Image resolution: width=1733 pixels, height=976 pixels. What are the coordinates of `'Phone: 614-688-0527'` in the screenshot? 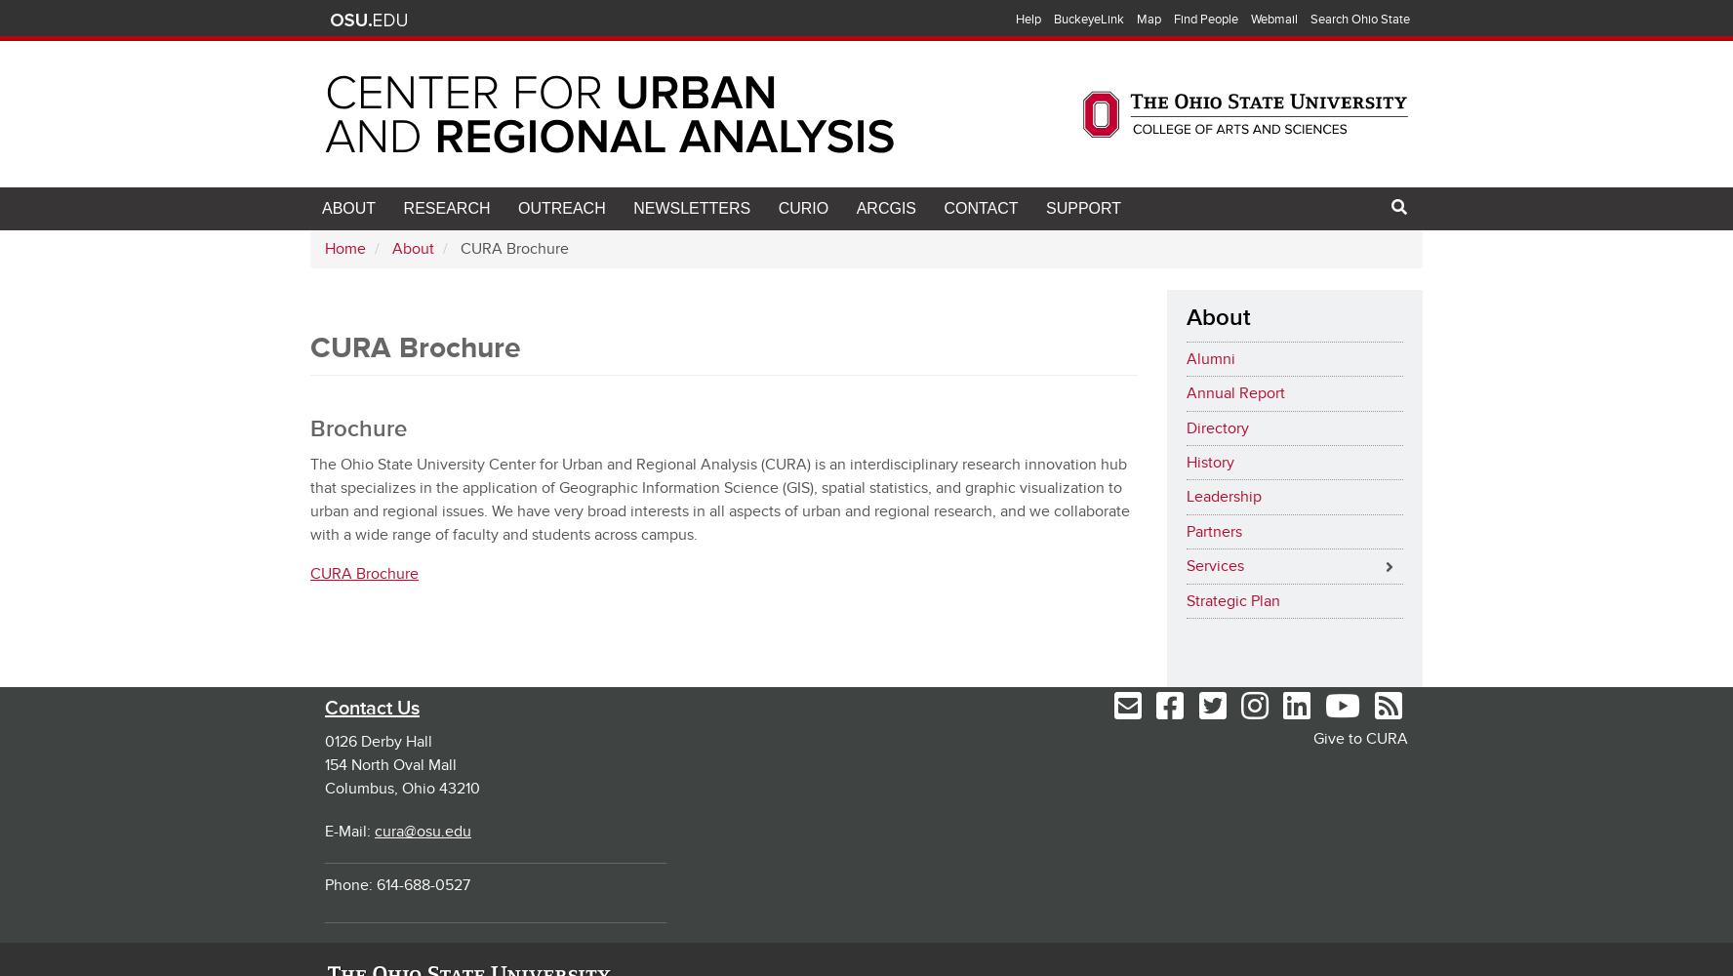 It's located at (397, 884).